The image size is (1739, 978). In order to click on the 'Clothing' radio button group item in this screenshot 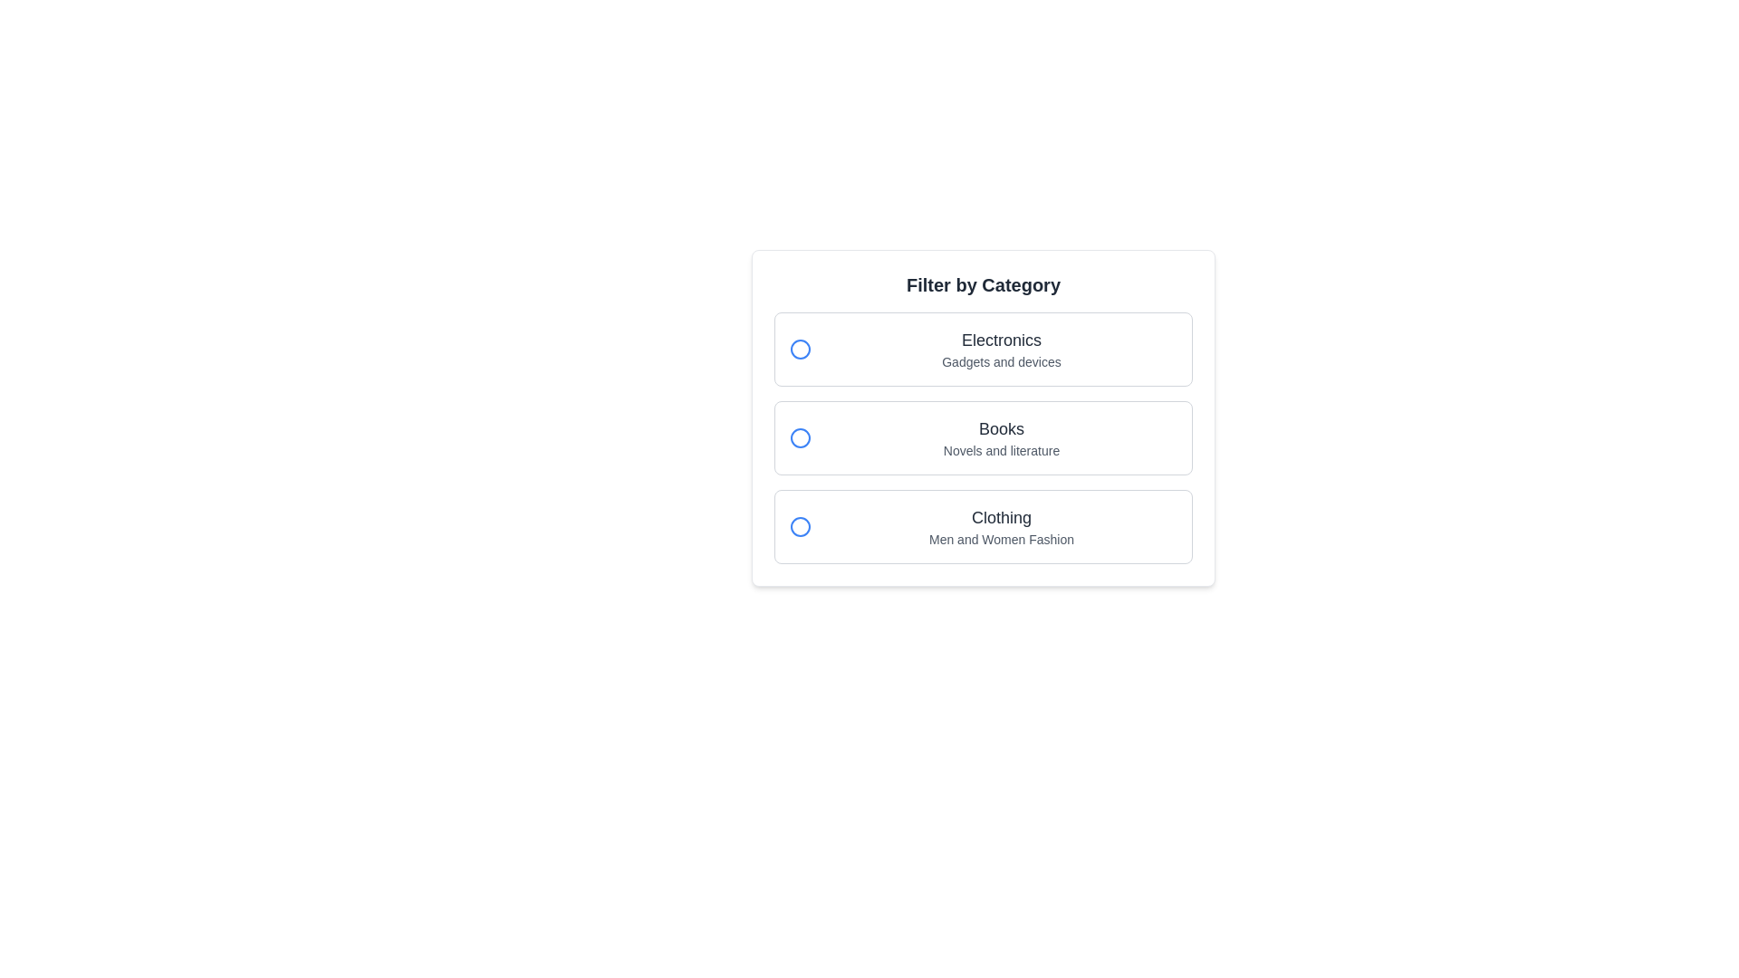, I will do `click(982, 527)`.